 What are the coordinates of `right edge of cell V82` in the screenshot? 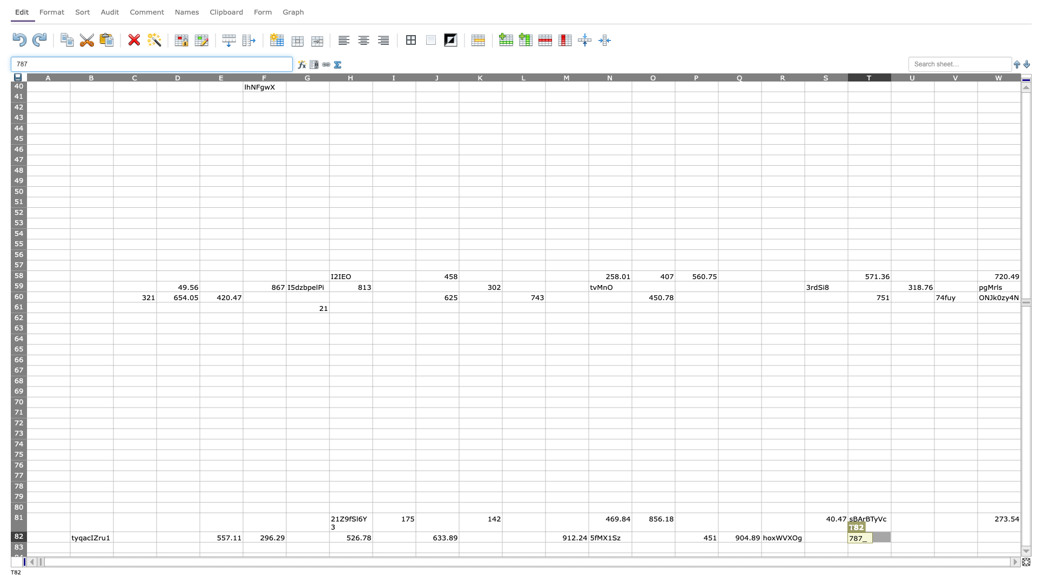 It's located at (977, 537).